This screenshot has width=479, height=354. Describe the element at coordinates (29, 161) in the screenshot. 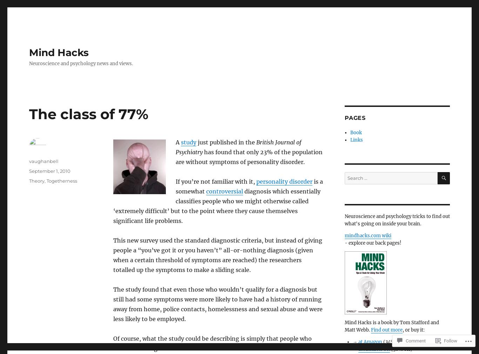

I see `'vaughanbell'` at that location.